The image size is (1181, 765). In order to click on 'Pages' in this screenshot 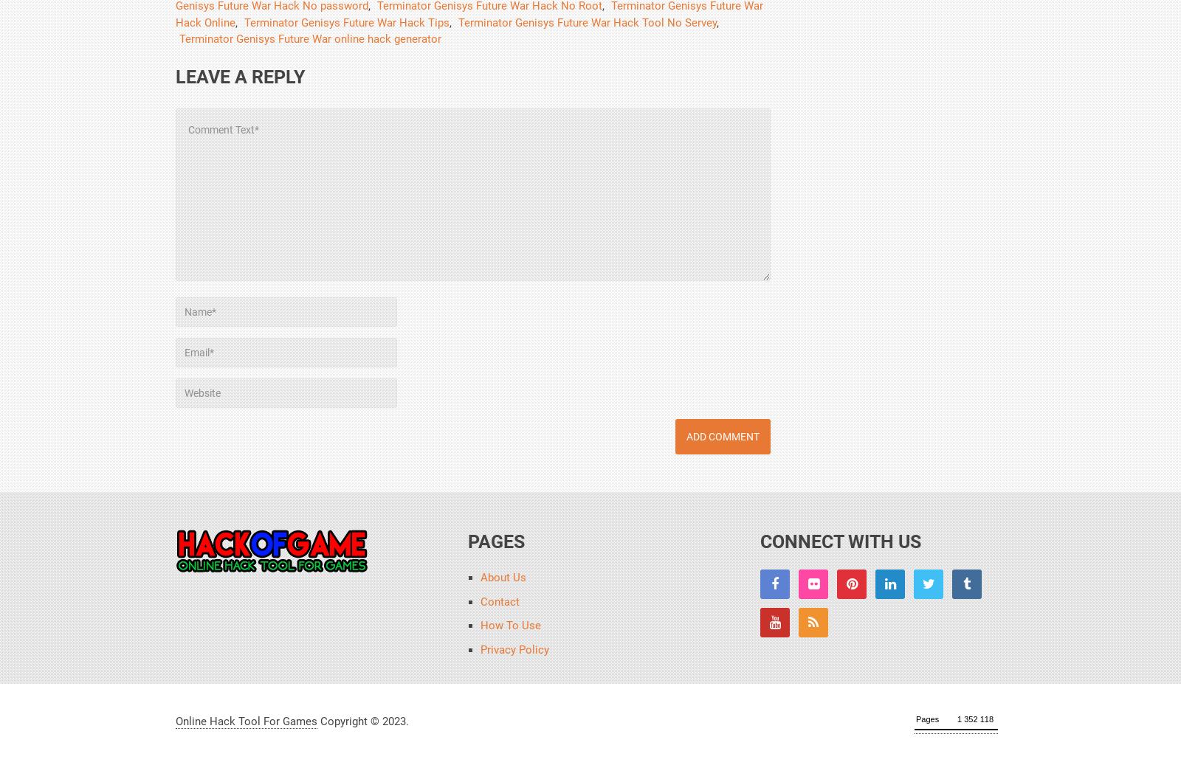, I will do `click(496, 541)`.